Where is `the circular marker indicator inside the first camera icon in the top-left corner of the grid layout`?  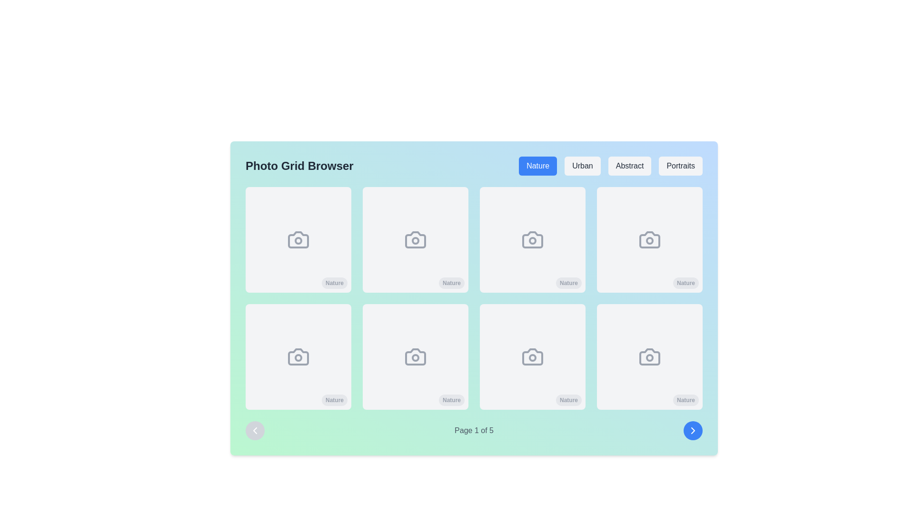
the circular marker indicator inside the first camera icon in the top-left corner of the grid layout is located at coordinates (298, 240).